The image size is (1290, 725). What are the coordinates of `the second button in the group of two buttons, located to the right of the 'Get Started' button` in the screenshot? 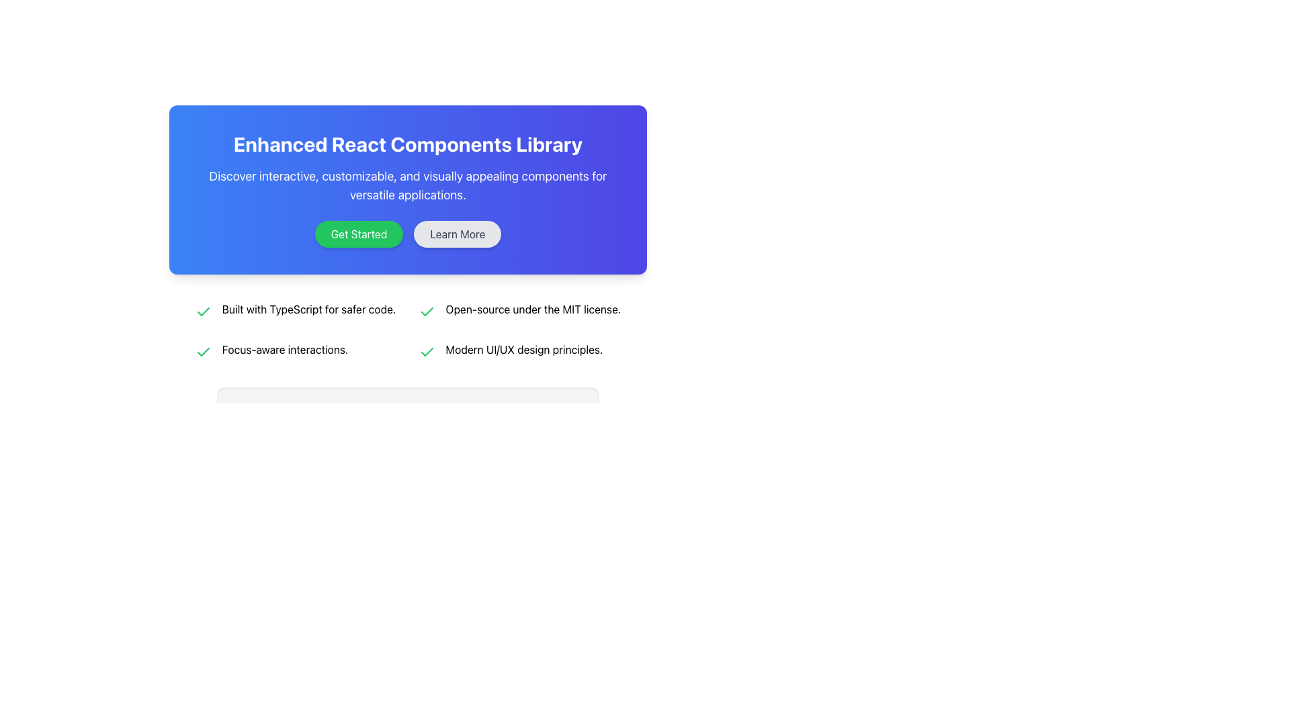 It's located at (458, 233).